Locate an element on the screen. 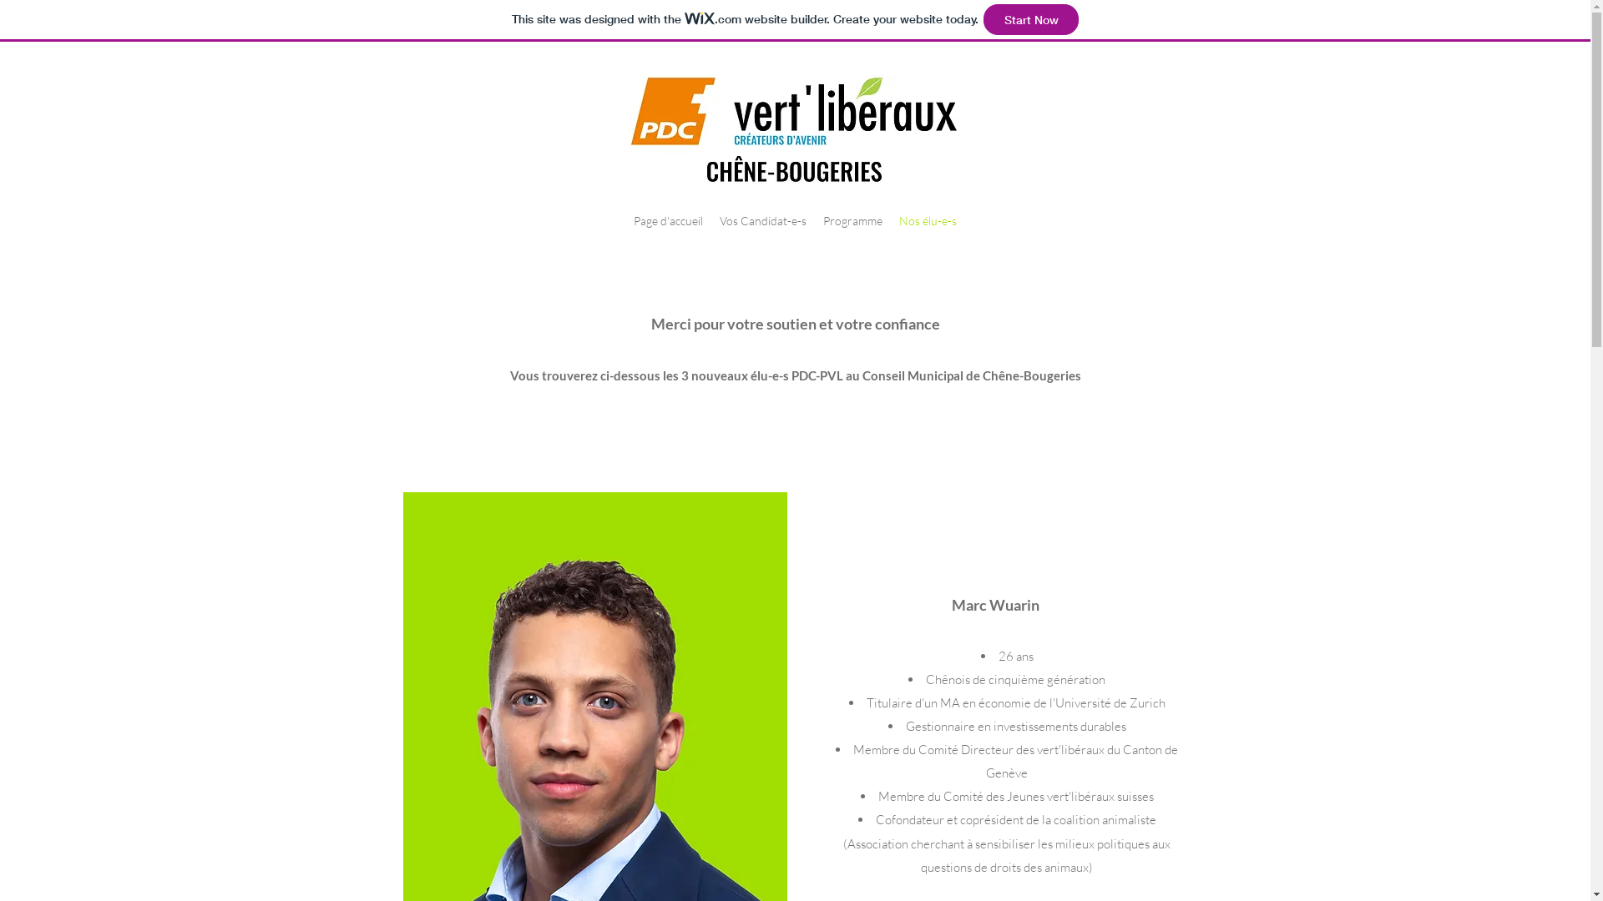 The width and height of the screenshot is (1603, 901). 'Page d'accueil' is located at coordinates (624, 220).